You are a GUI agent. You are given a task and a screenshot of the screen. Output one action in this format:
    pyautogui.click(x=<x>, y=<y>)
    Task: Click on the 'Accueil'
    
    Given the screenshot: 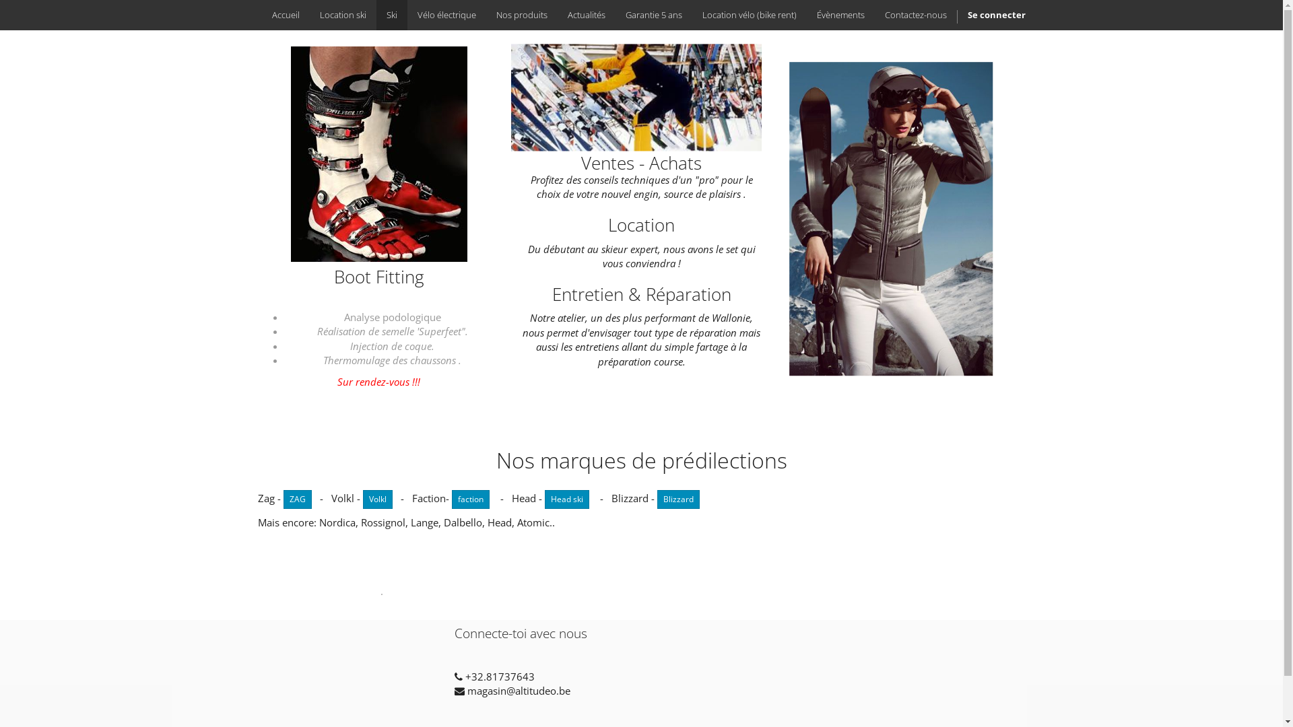 What is the action you would take?
    pyautogui.click(x=261, y=15)
    